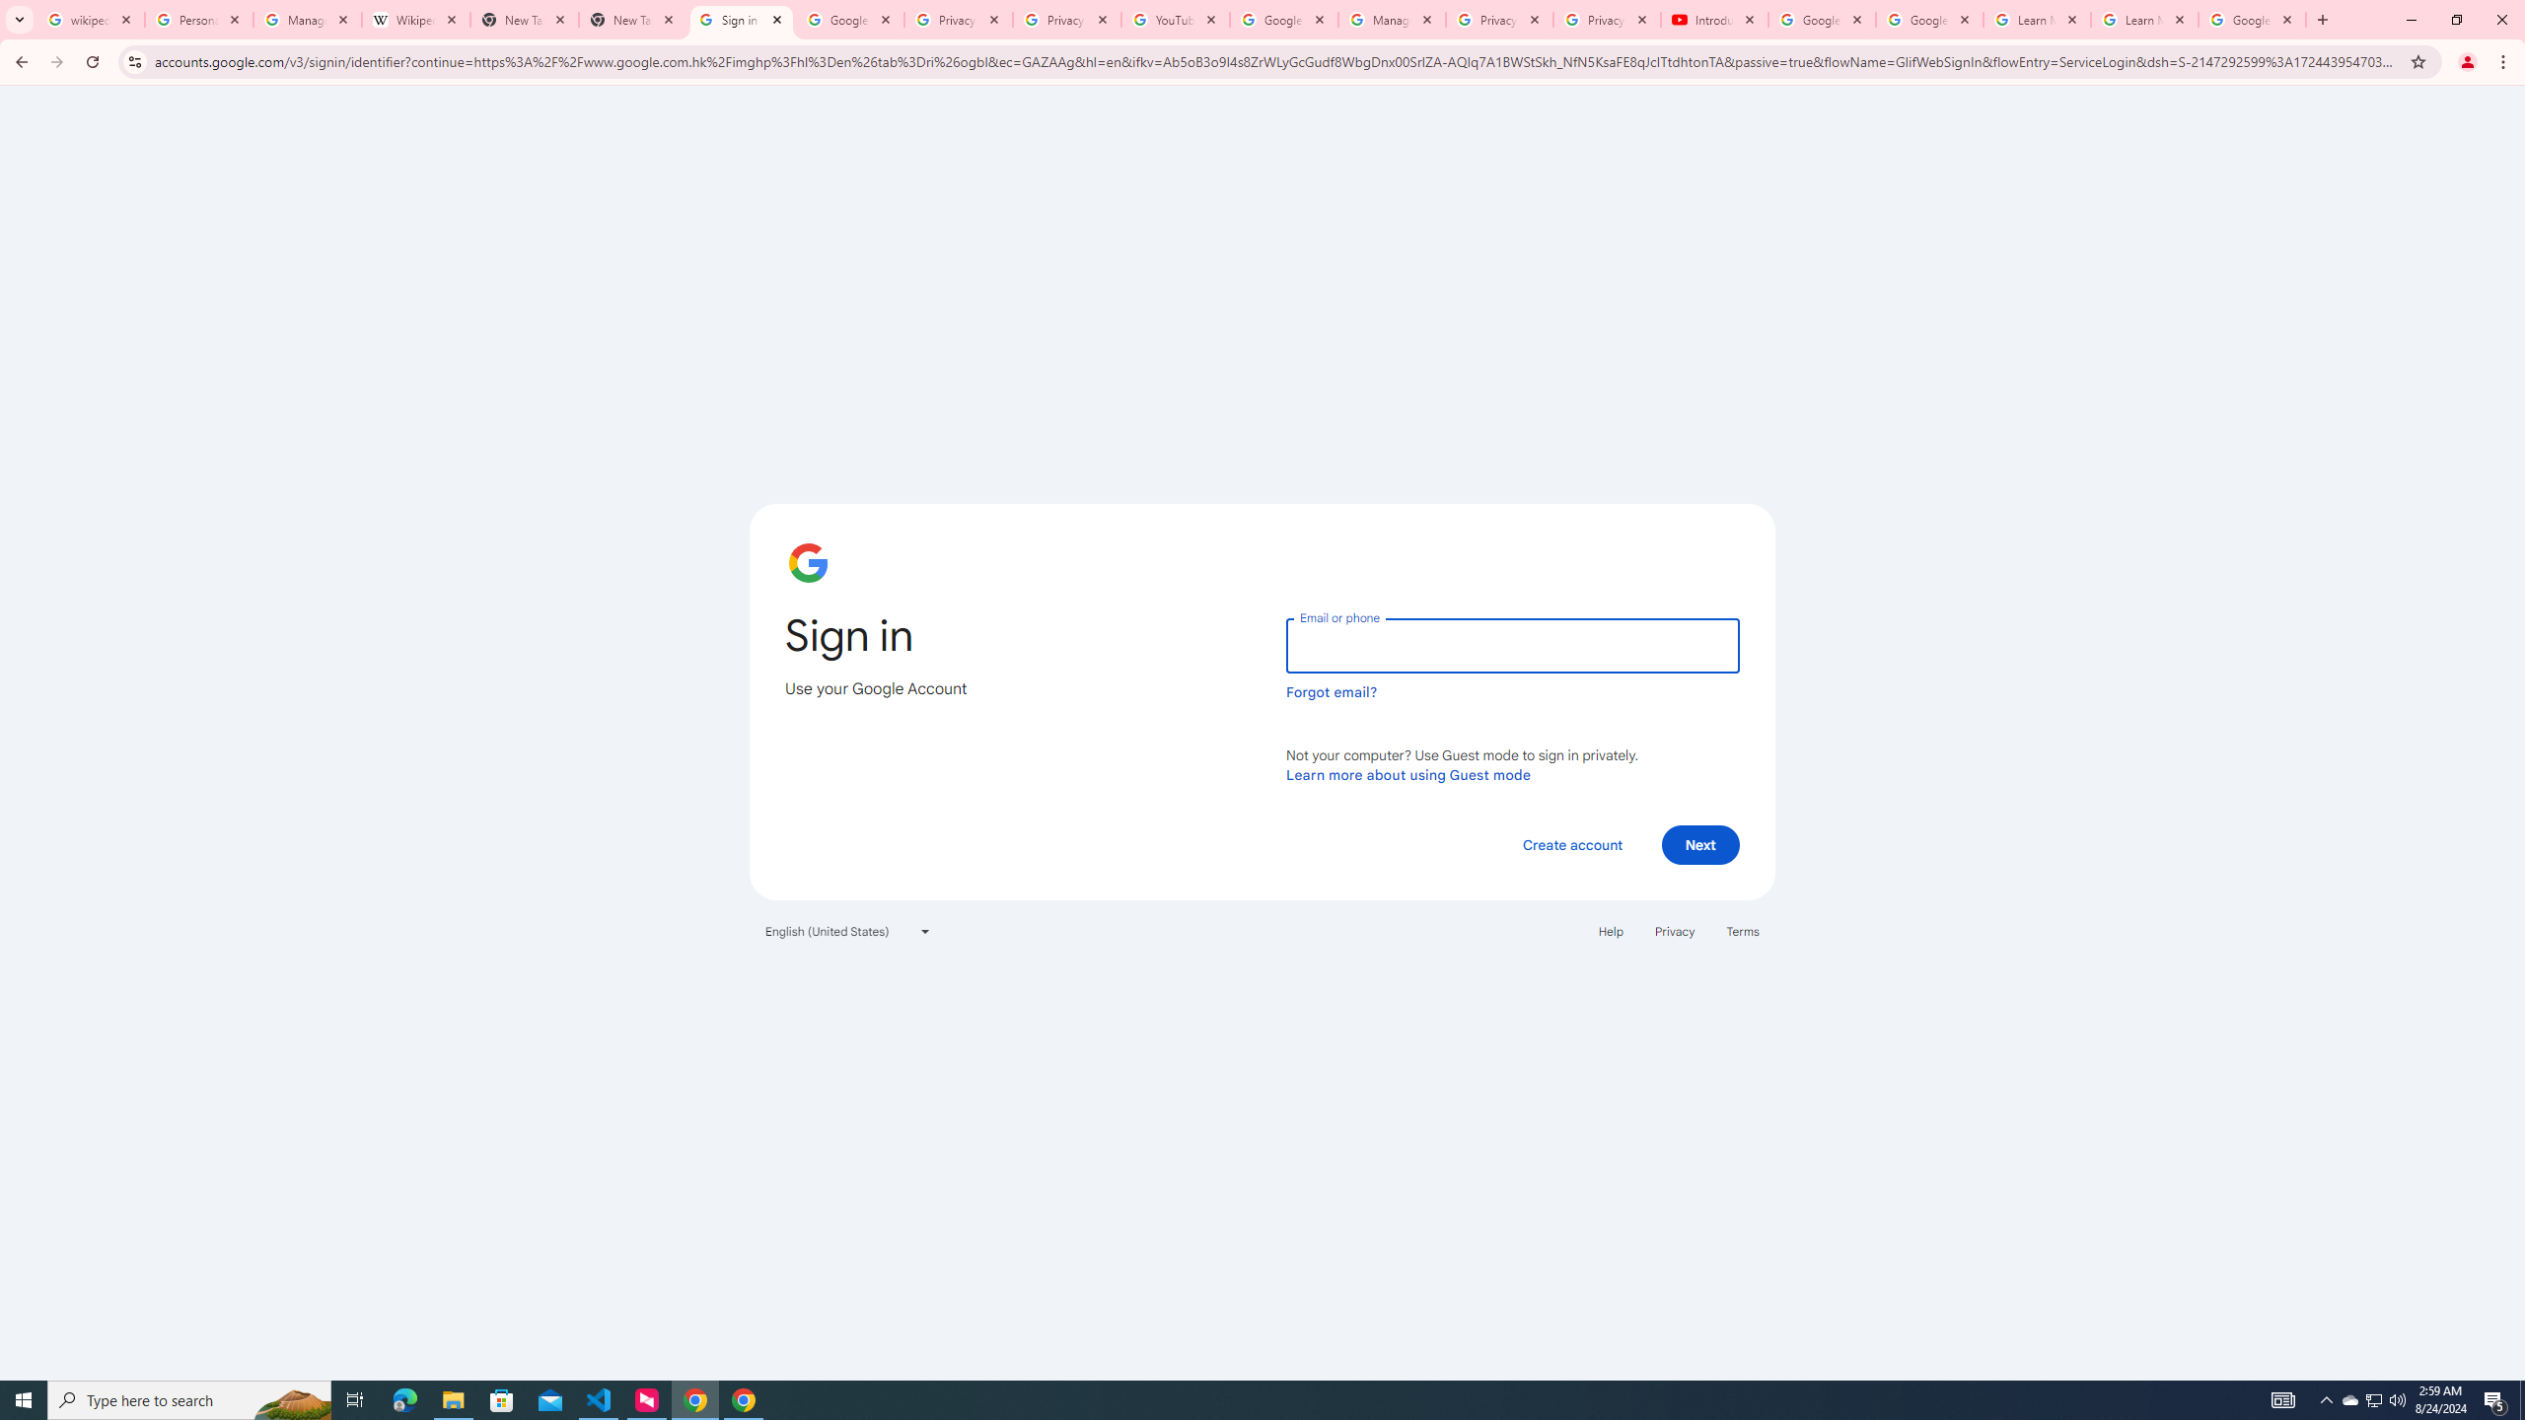 The image size is (2525, 1420). I want to click on 'Help', so click(1610, 929).